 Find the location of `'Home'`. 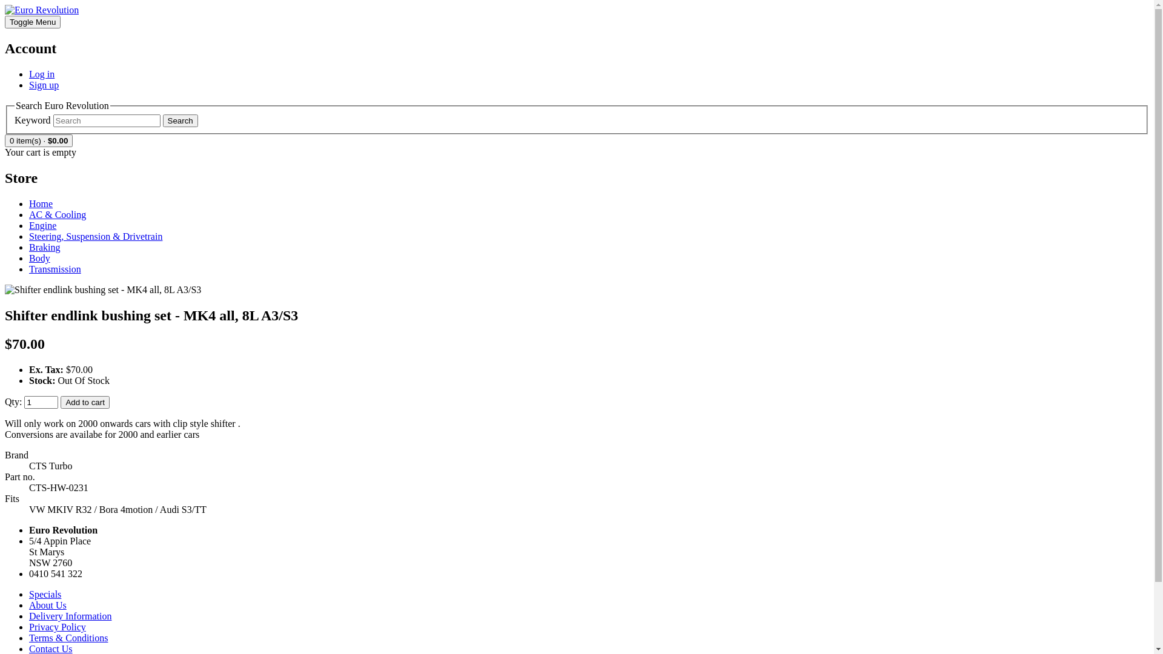

'Home' is located at coordinates (41, 203).